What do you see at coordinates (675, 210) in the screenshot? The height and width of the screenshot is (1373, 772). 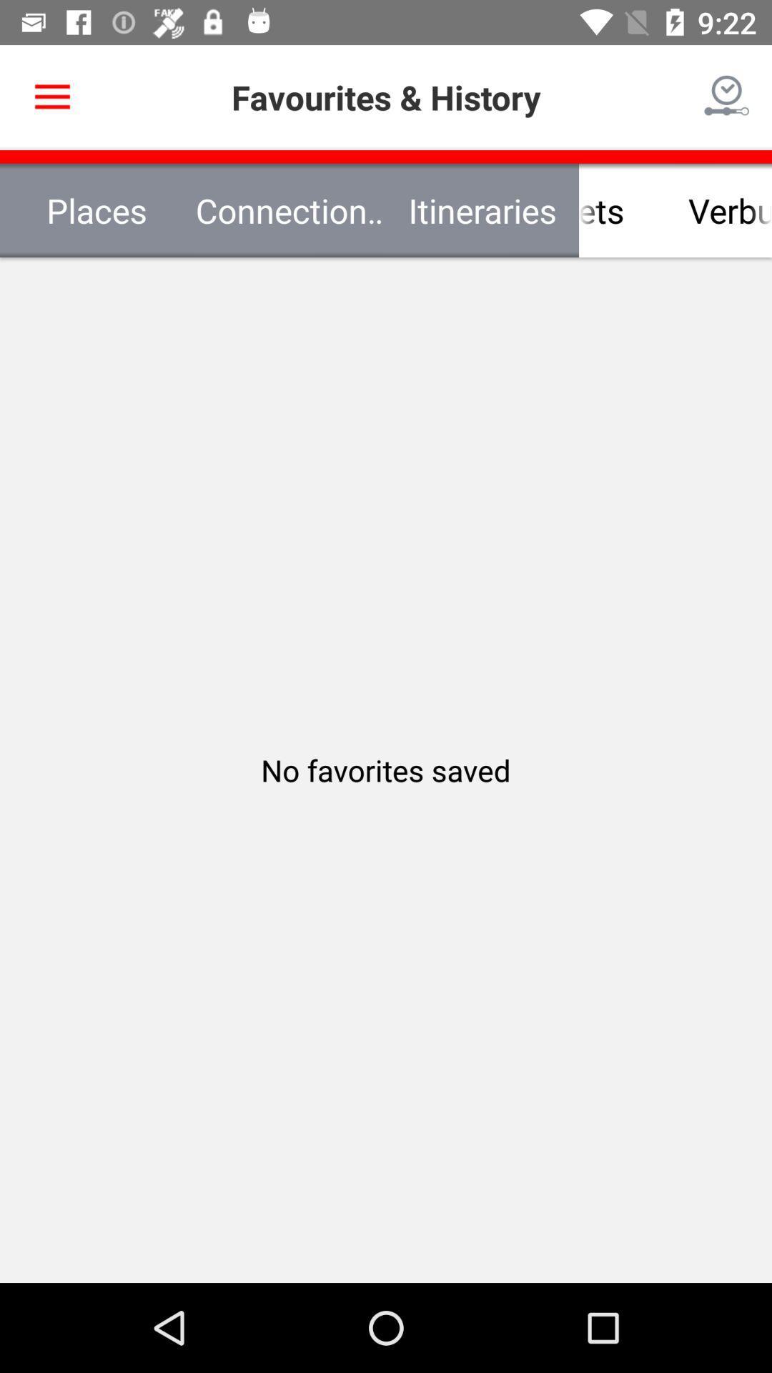 I see `item next to connection requests icon` at bounding box center [675, 210].